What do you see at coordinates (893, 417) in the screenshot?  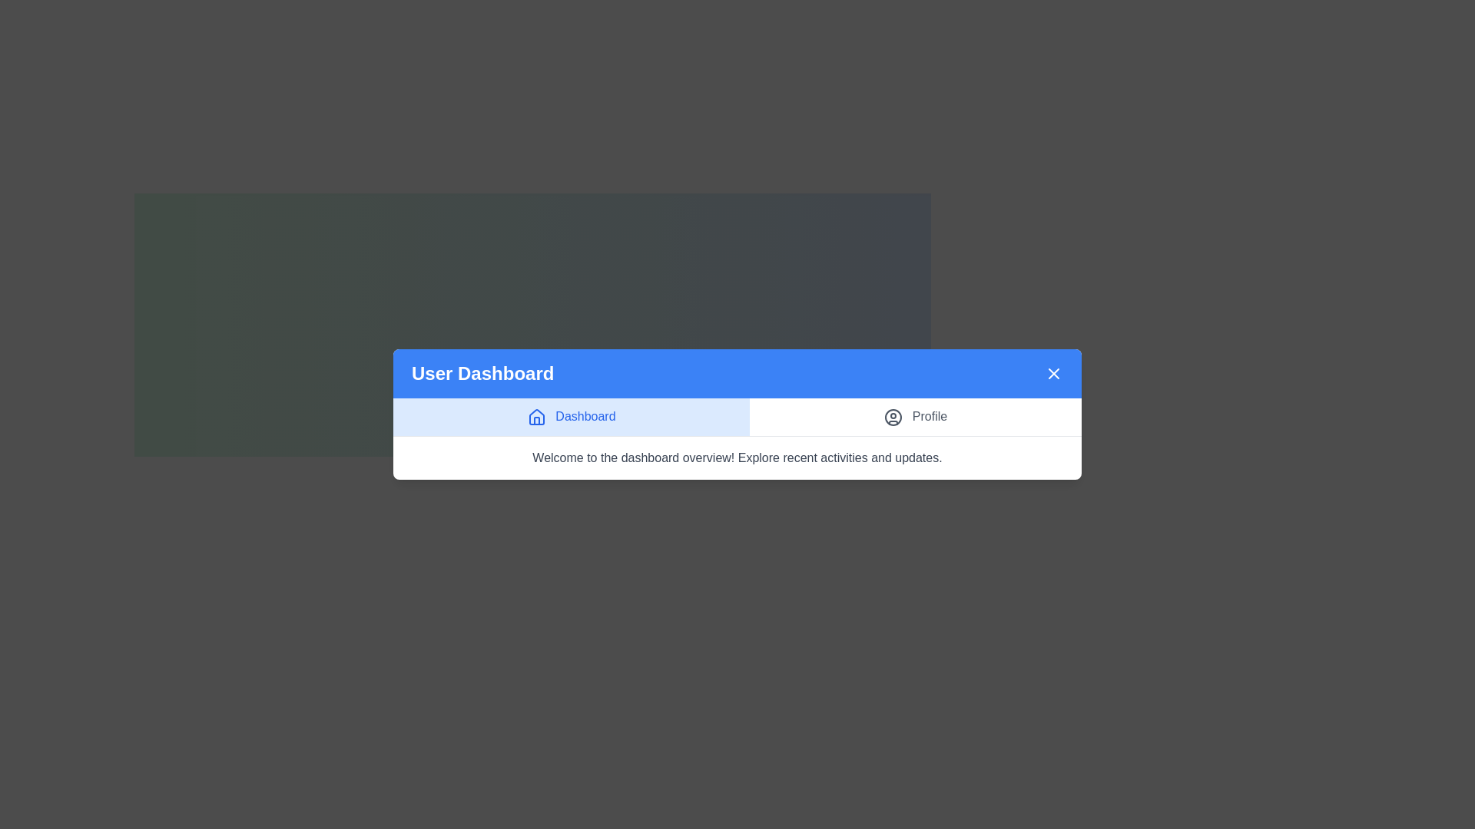 I see `the user profile icon in the 'Profile' tab located in the header section of the 'User Dashboard'` at bounding box center [893, 417].